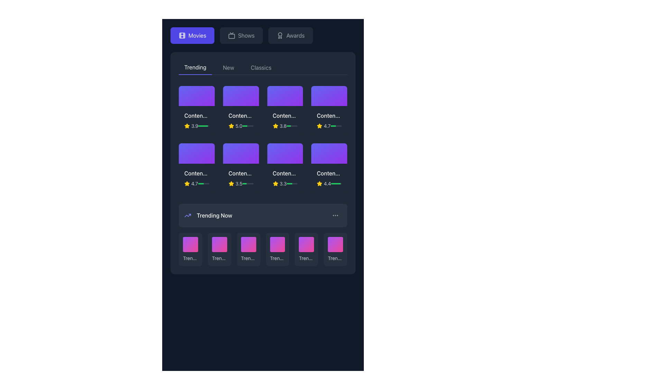 The image size is (664, 373). Describe the element at coordinates (192, 36) in the screenshot. I see `the 'Movies' button, which is a rounded rectangular button with a purple background and white text, located at the top-left corner of the interface` at that location.